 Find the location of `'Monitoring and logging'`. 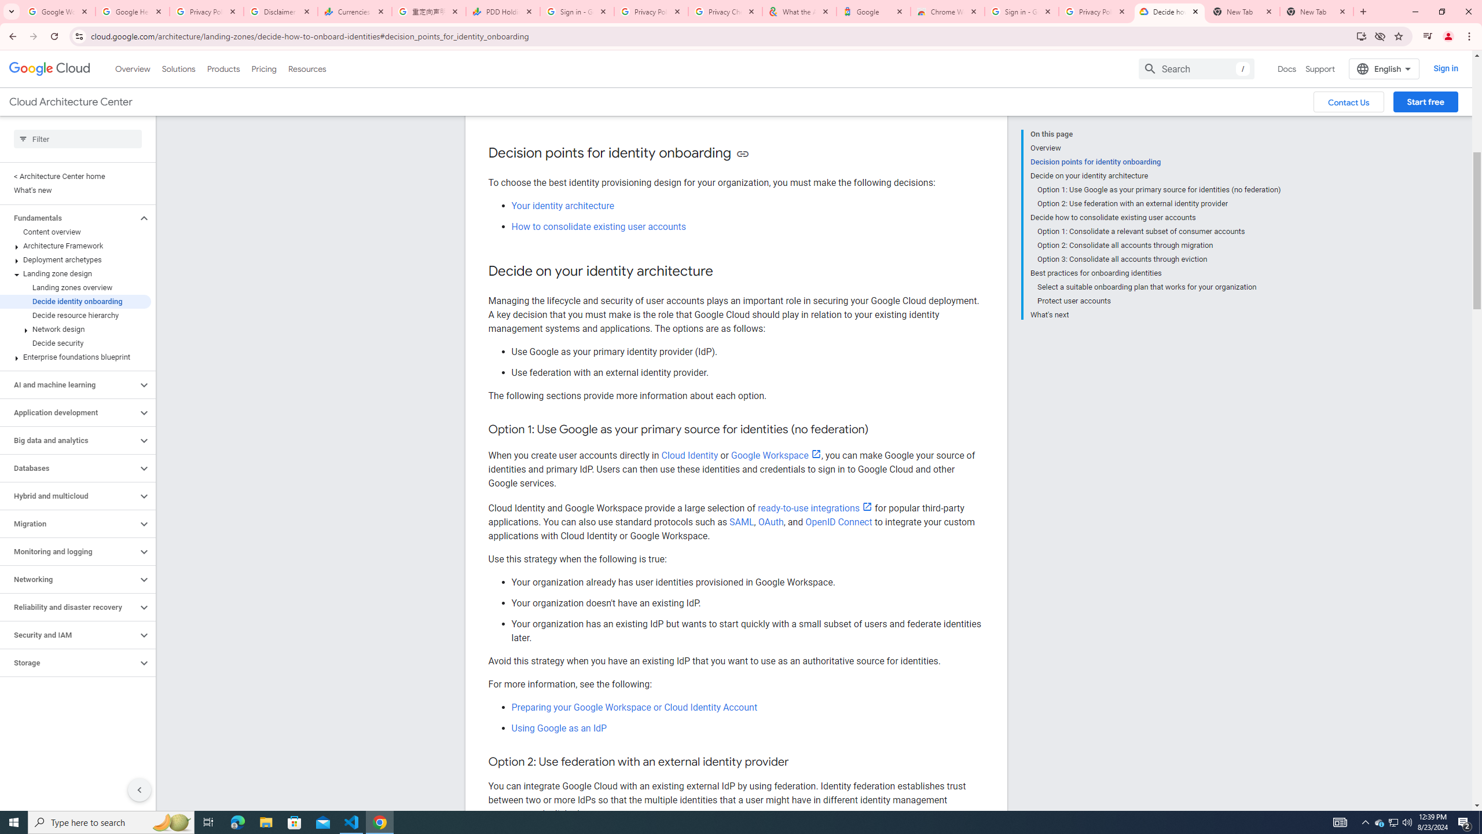

'Monitoring and logging' is located at coordinates (68, 551).